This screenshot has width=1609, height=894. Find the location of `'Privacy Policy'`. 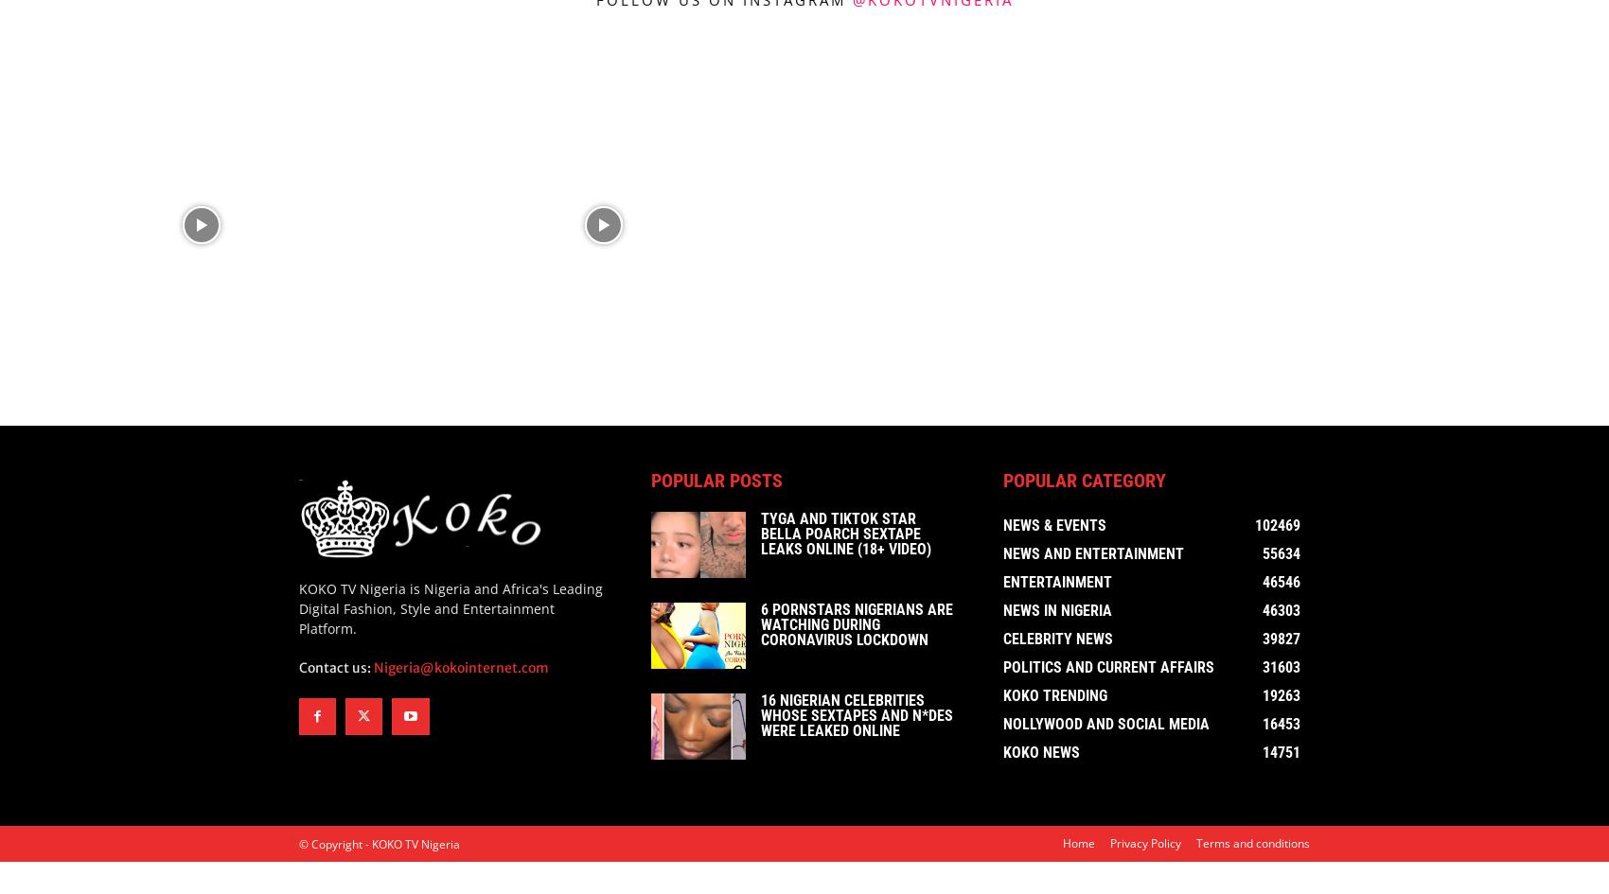

'Privacy Policy' is located at coordinates (1144, 846).